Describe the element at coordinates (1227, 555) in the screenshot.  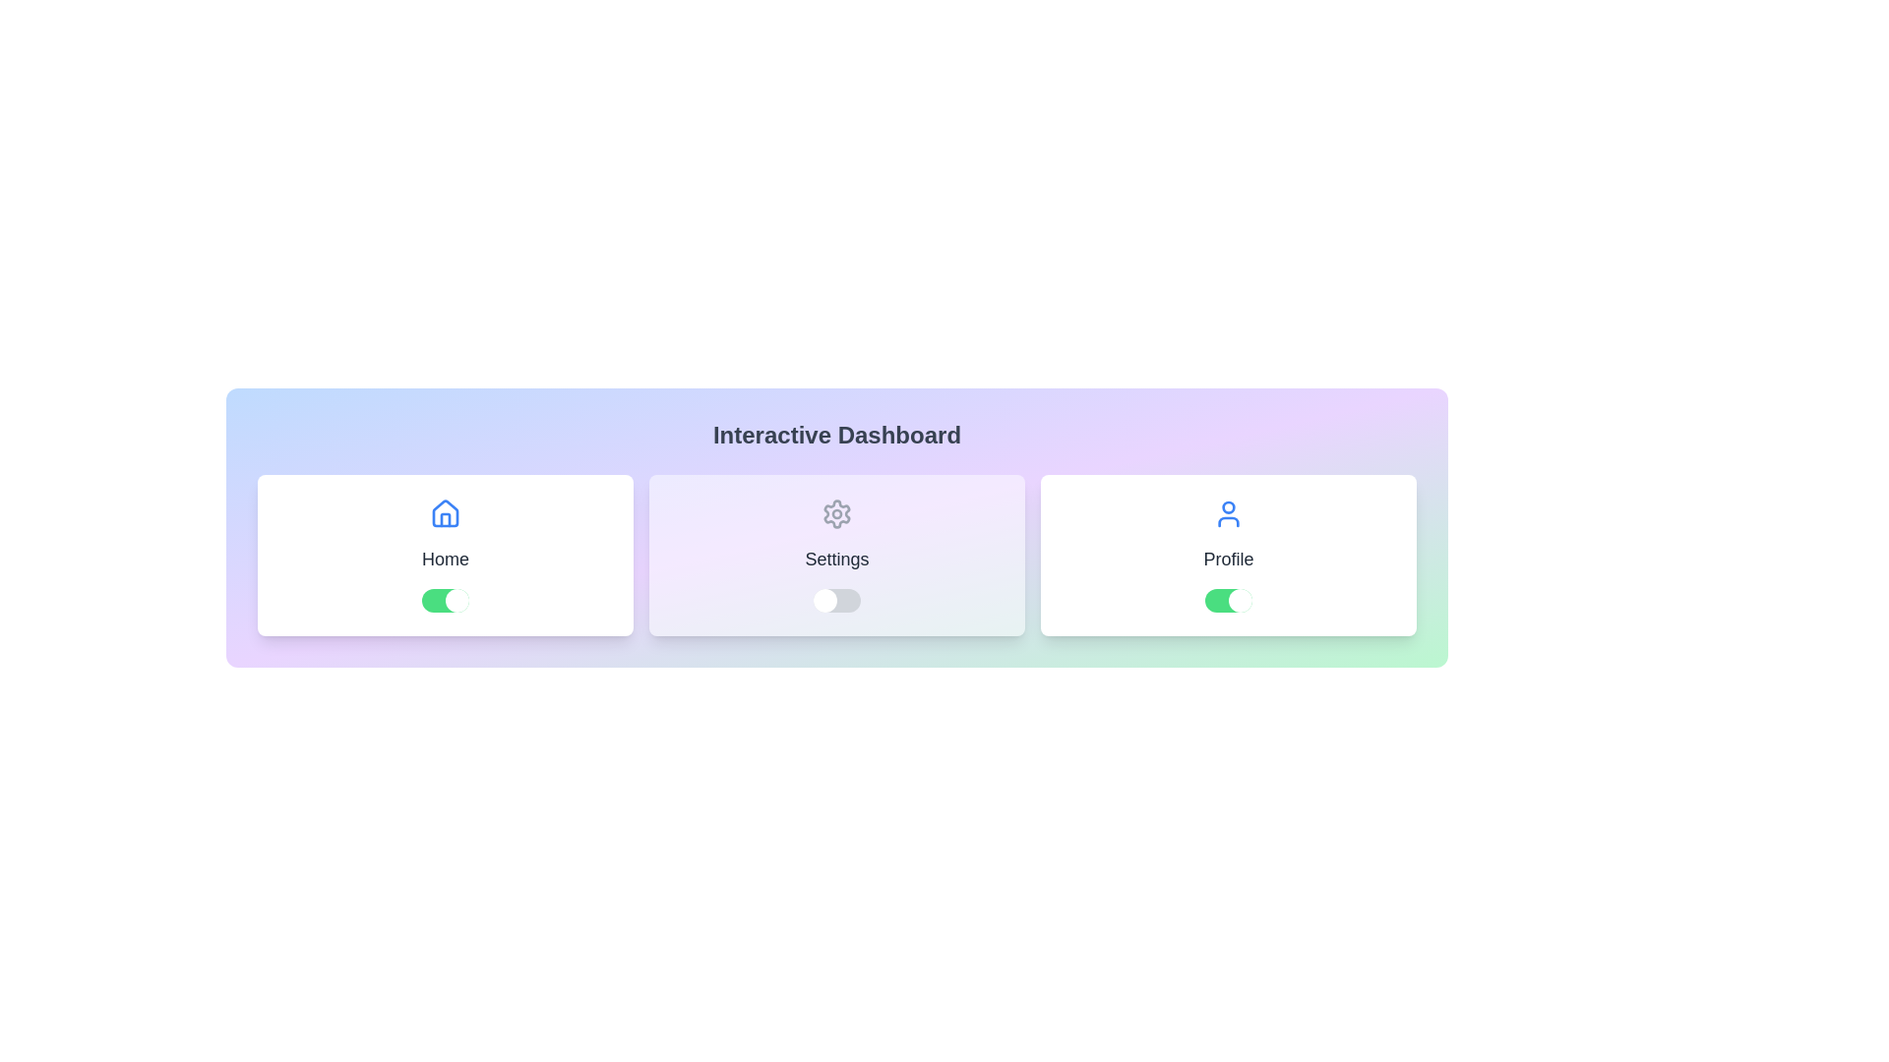
I see `the Profile card by clicking on it` at that location.